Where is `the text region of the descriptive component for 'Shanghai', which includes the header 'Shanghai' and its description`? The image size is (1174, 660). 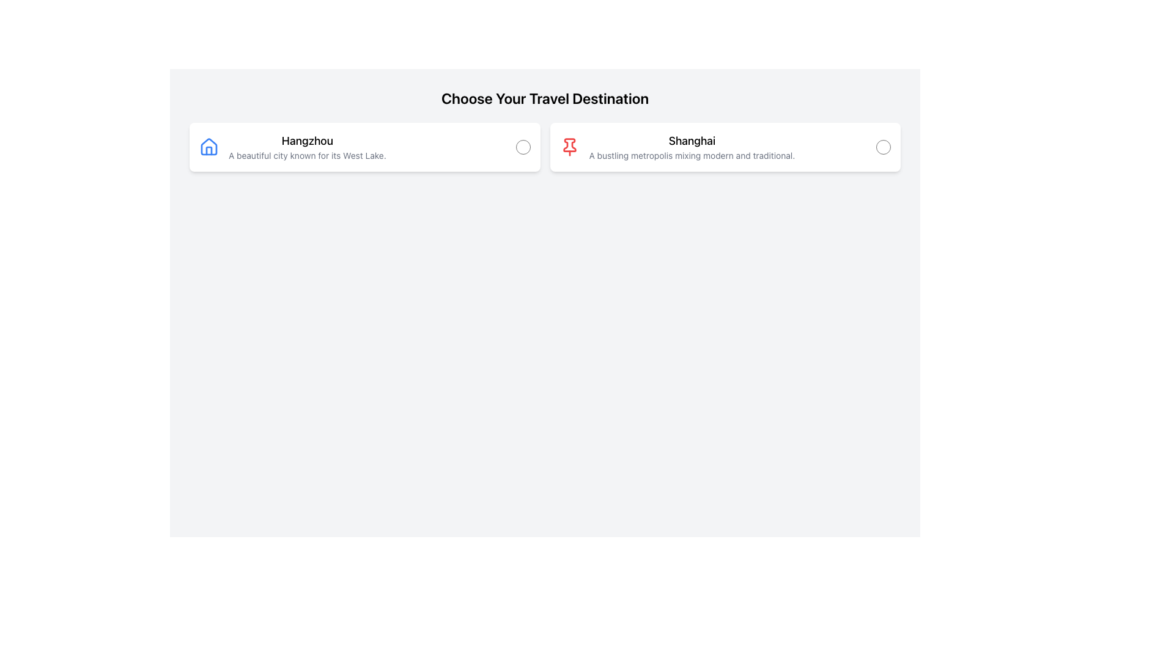
the text region of the descriptive component for 'Shanghai', which includes the header 'Shanghai' and its description is located at coordinates (676, 146).